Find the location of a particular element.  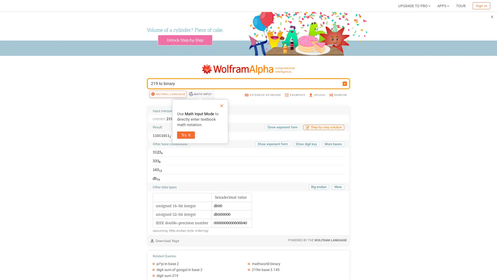

Big-endian is located at coordinates (319, 197).